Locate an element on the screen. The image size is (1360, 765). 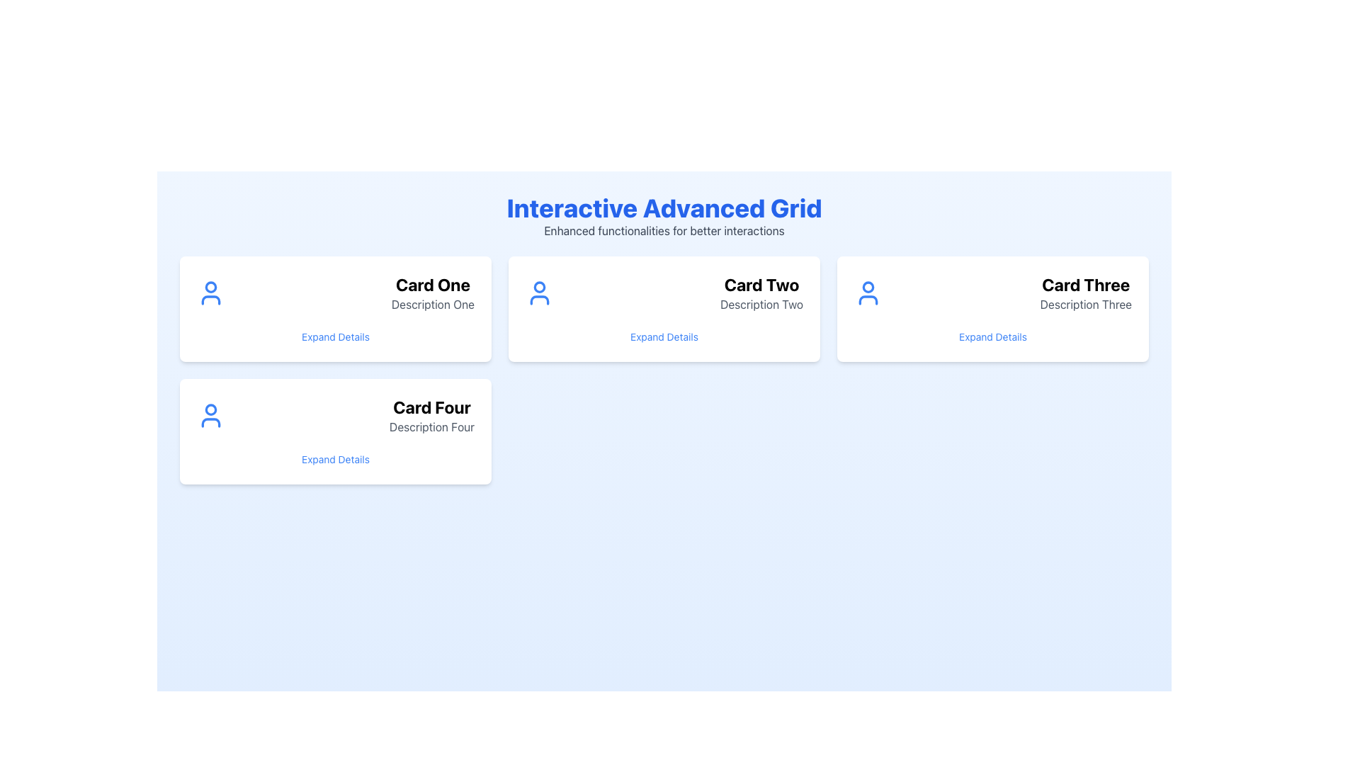
the blue-colored hyperlink 'Expand Details' located at the bottom right corner of 'Card Two' is located at coordinates (663, 336).